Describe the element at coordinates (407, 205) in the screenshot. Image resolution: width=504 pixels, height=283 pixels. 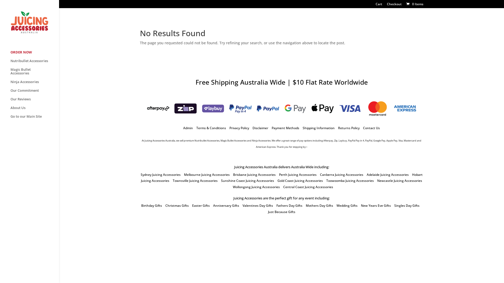
I see `'Singles Day Gifts'` at that location.